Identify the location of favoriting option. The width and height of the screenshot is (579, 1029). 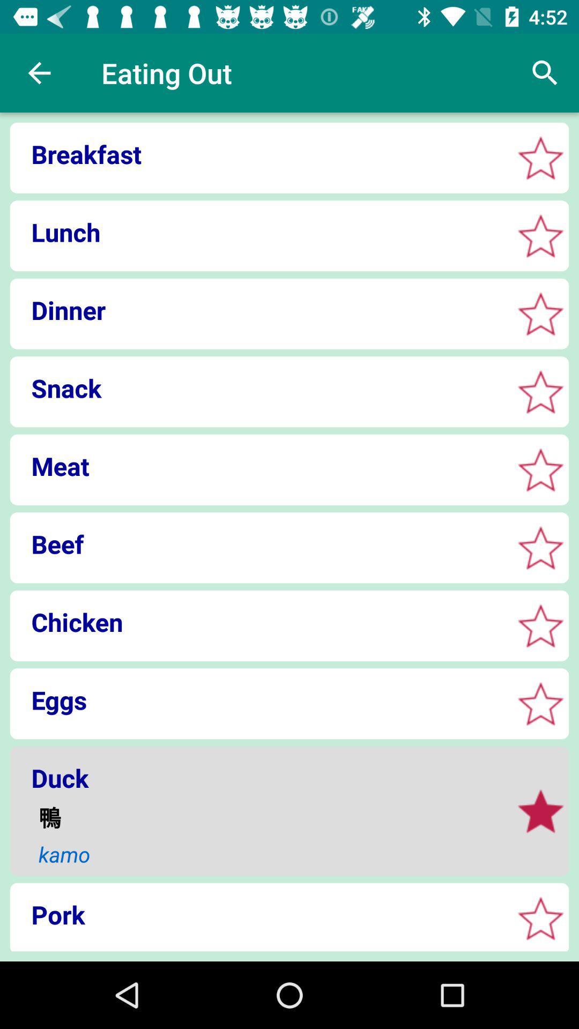
(540, 235).